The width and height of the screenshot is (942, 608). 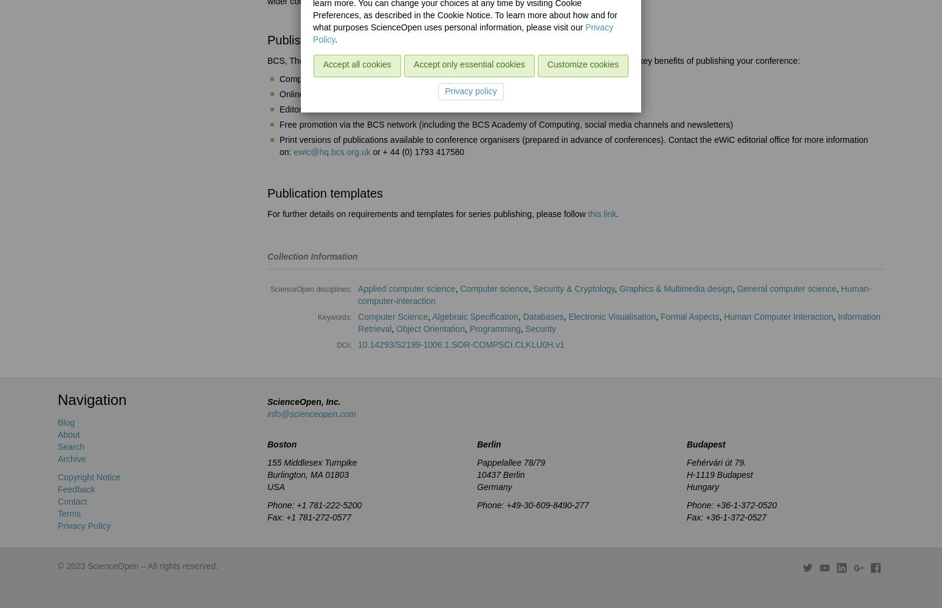 I want to click on 'Hungary', so click(x=701, y=487).